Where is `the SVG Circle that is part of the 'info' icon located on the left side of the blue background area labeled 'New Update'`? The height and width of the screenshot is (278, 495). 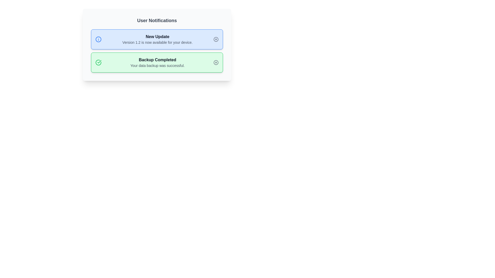
the SVG Circle that is part of the 'info' icon located on the left side of the blue background area labeled 'New Update' is located at coordinates (98, 39).